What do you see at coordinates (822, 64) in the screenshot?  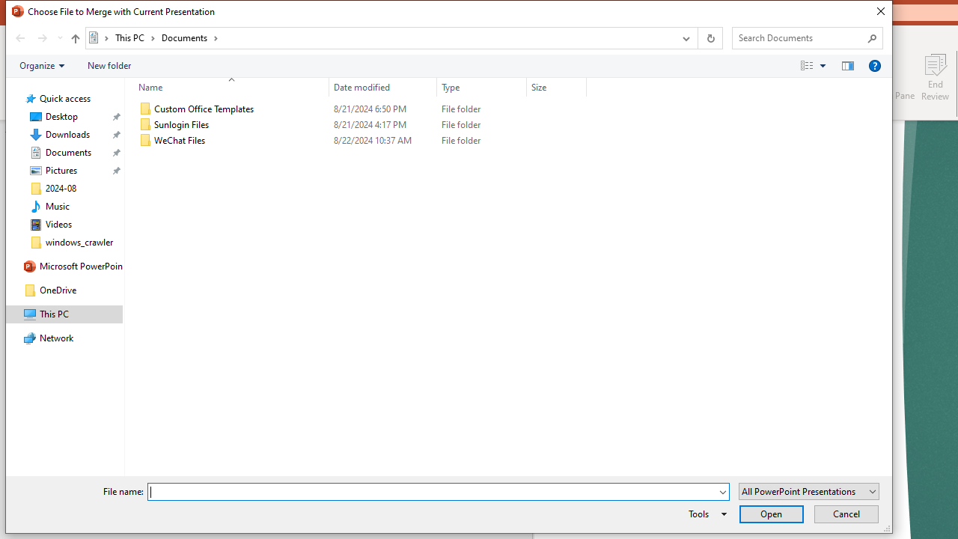 I see `'View Slider'` at bounding box center [822, 64].